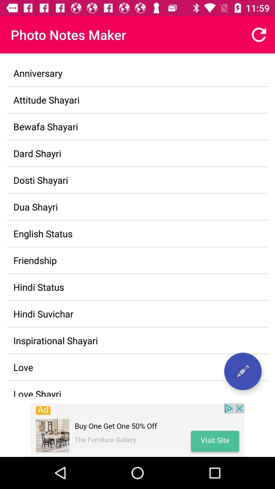 The image size is (275, 489). Describe the element at coordinates (137, 430) in the screenshot. I see `the furniture gallery advertisement` at that location.